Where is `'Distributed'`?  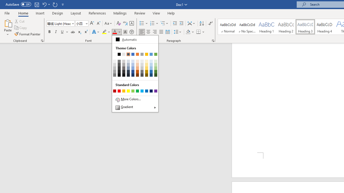
'Distributed' is located at coordinates (167, 32).